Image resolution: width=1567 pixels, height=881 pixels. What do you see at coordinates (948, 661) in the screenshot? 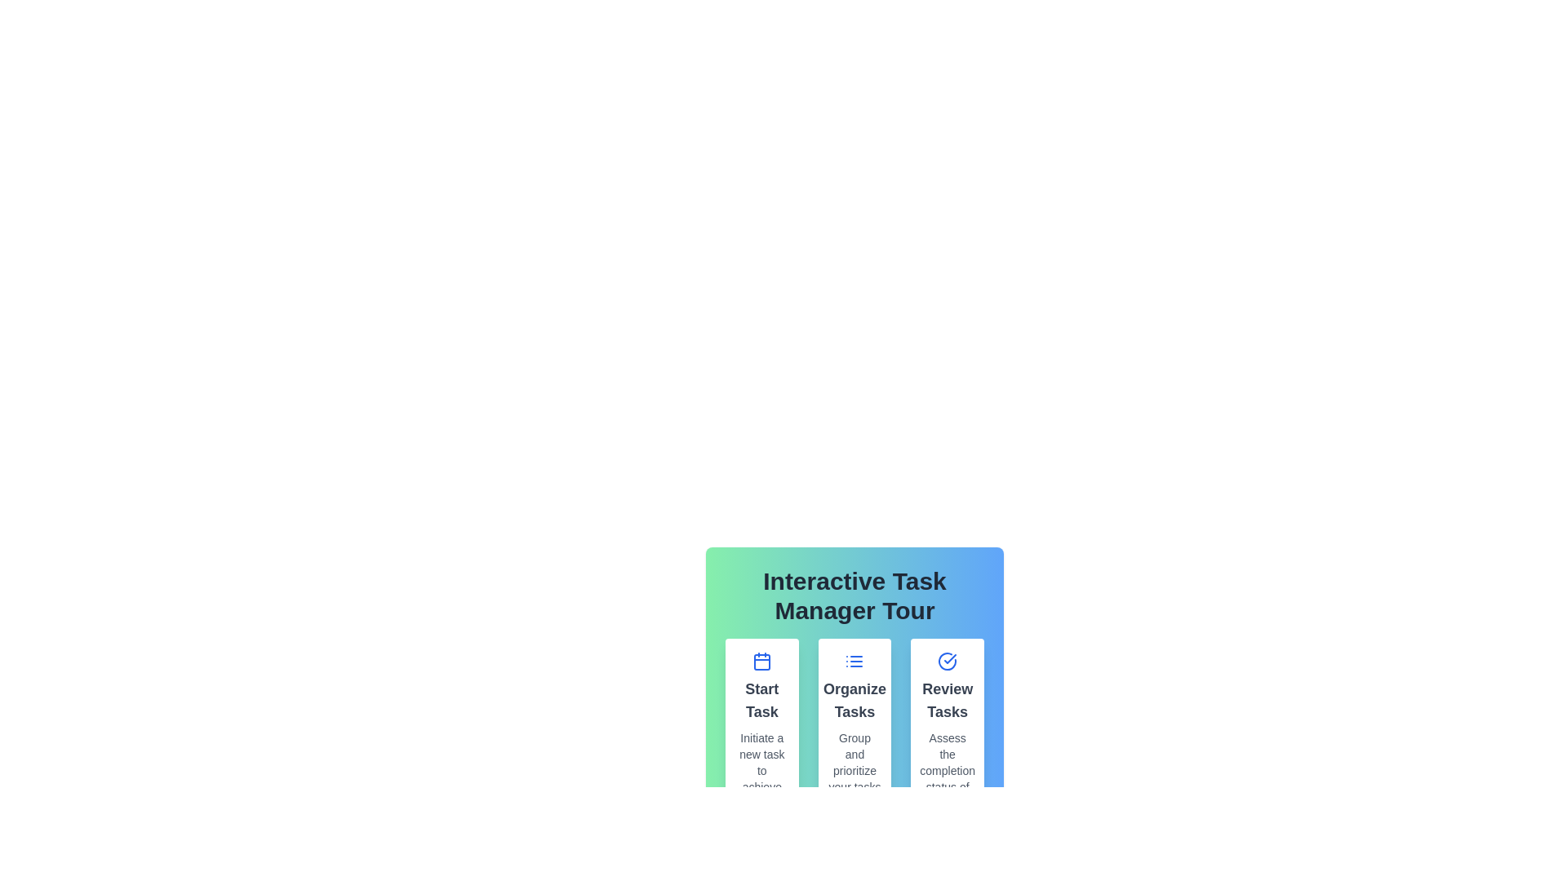
I see `the blue circular checkmark icon outlined at the top of the 'Review Tasks' card in the third column layout` at bounding box center [948, 661].